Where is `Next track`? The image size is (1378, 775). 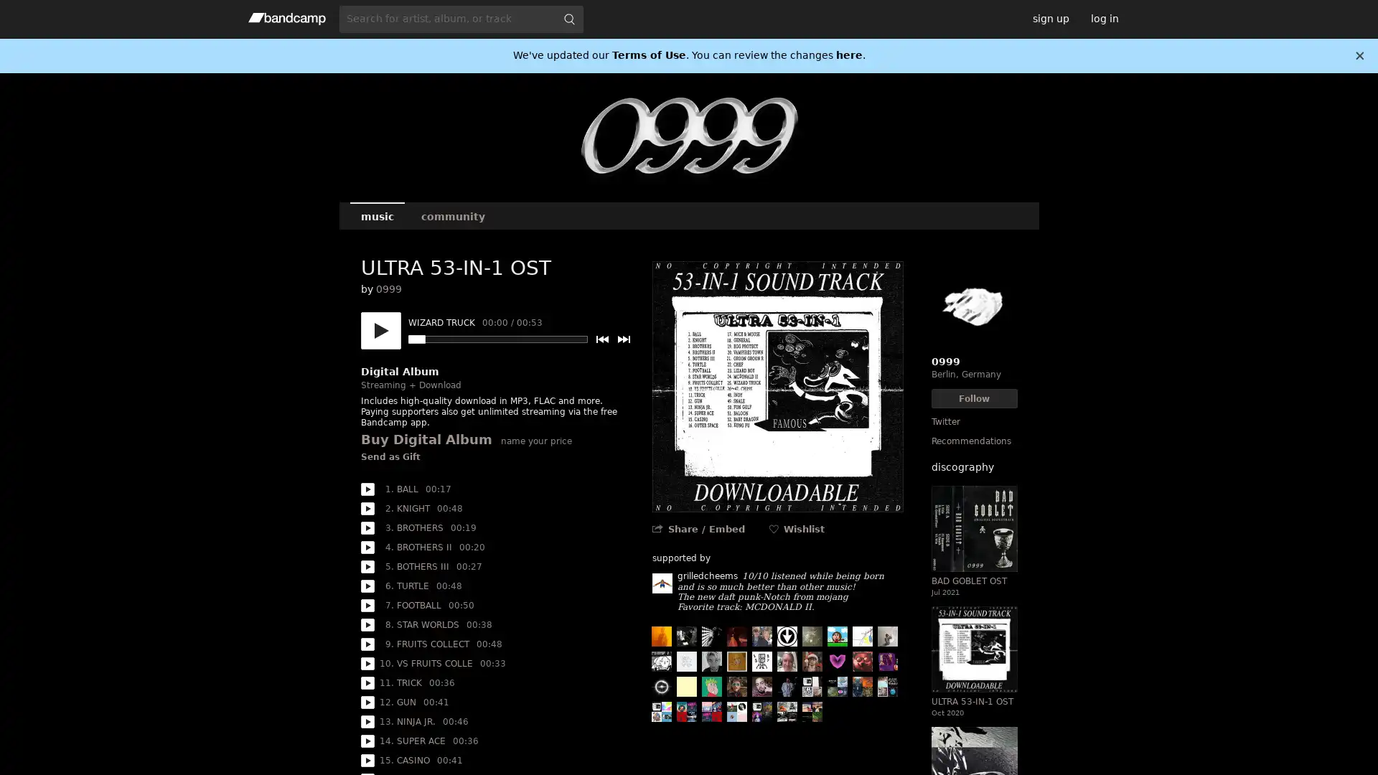 Next track is located at coordinates (623, 339).